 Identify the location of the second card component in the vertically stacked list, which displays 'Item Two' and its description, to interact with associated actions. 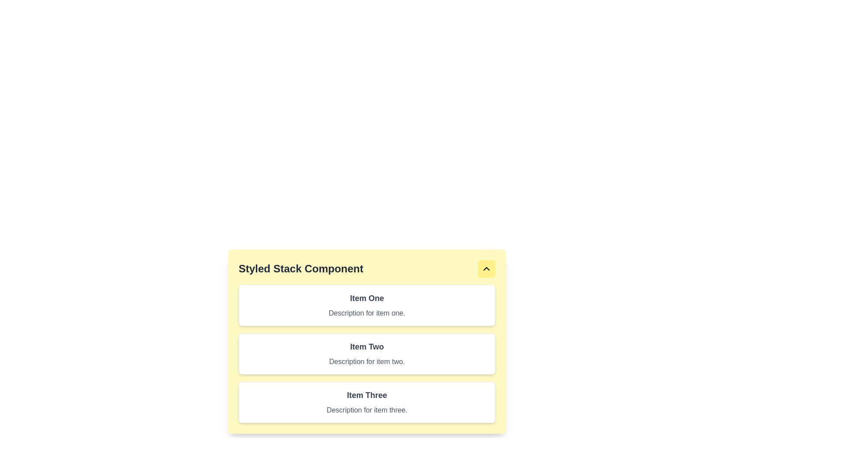
(367, 353).